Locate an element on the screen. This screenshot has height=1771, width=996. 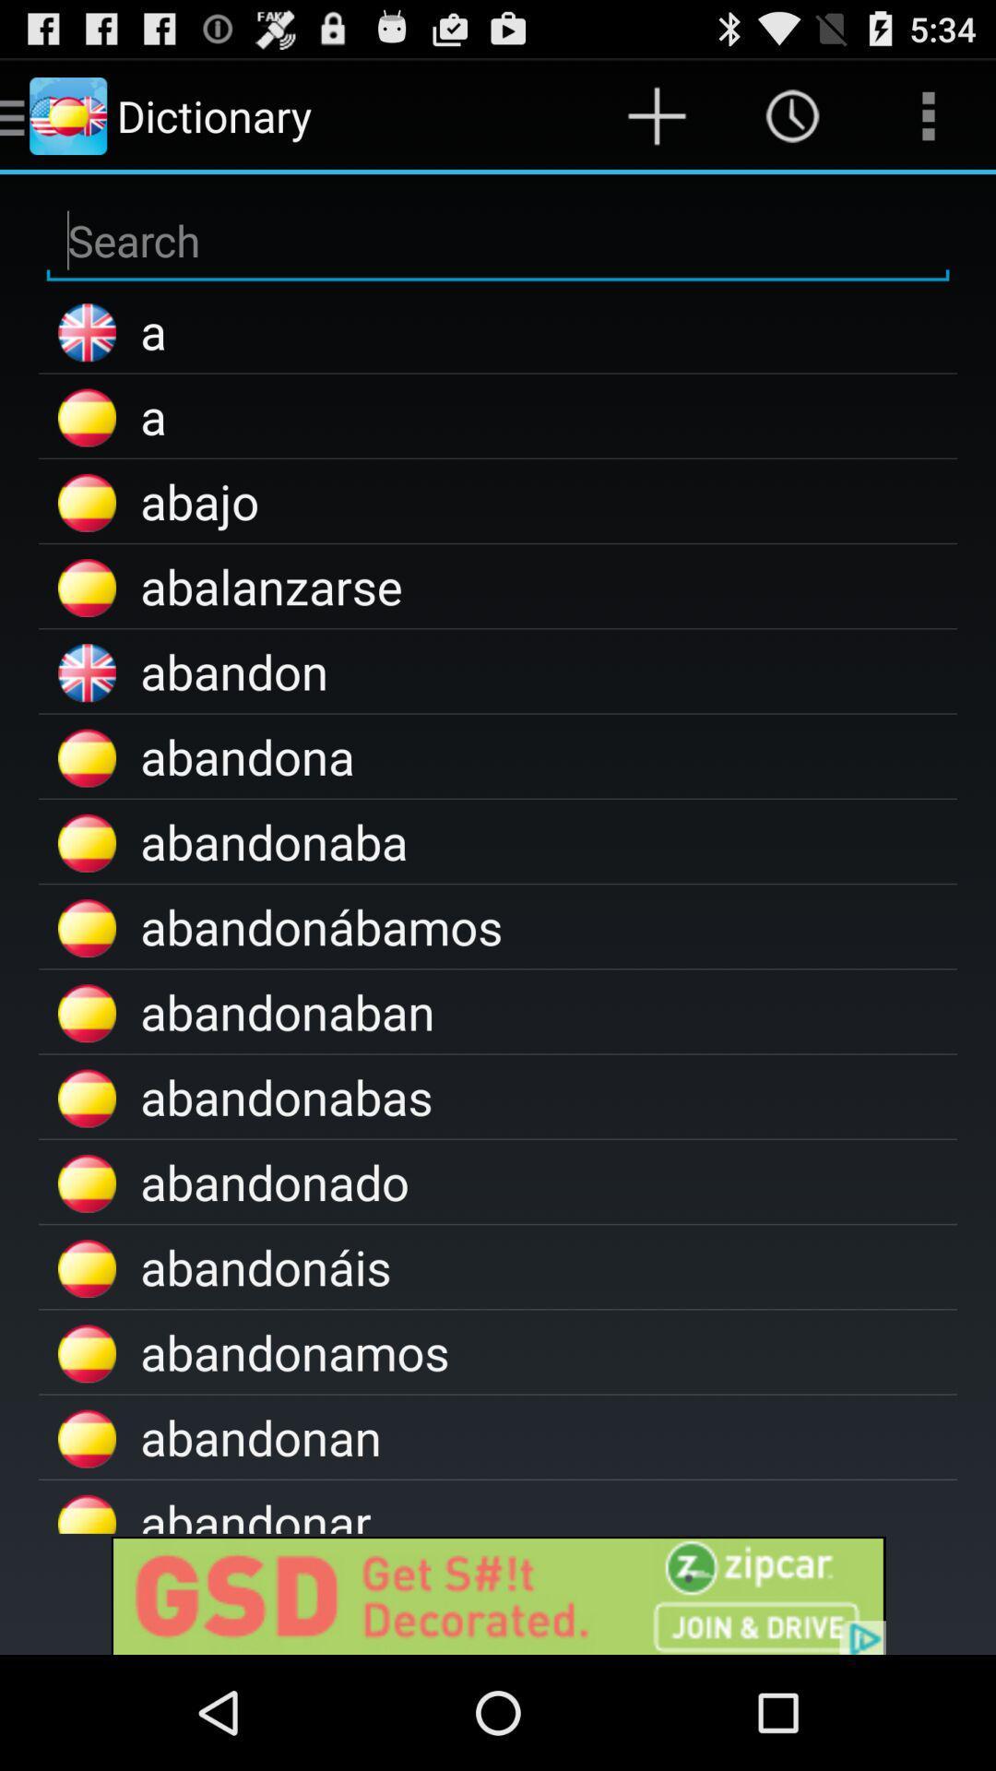
search for words is located at coordinates (498, 240).